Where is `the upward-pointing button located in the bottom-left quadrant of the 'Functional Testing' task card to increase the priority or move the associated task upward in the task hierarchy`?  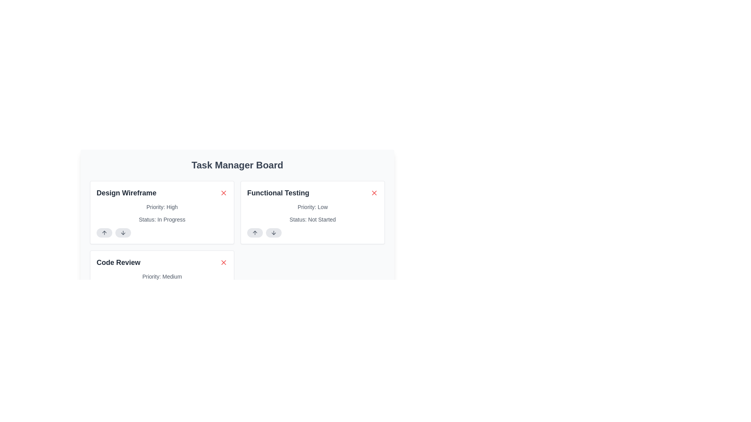
the upward-pointing button located in the bottom-left quadrant of the 'Functional Testing' task card to increase the priority or move the associated task upward in the task hierarchy is located at coordinates (255, 232).